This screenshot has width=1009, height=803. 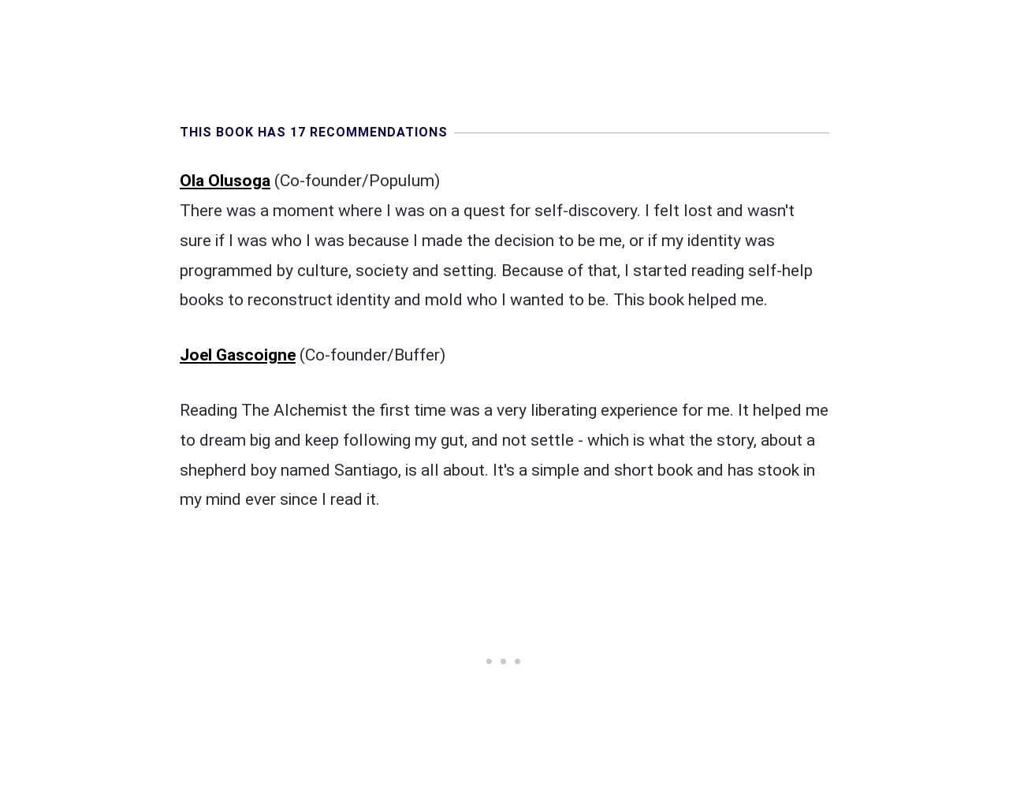 I want to click on 'Reading The Alchemist the first time was a very liberating experience for me. It helped me to dream big and keep following my gut, and not settle - which is what the story, about a shepherd boy named Santiago, is all about. It's a simple and short book and has stook in my mind ever since I read it.', so click(x=503, y=454).